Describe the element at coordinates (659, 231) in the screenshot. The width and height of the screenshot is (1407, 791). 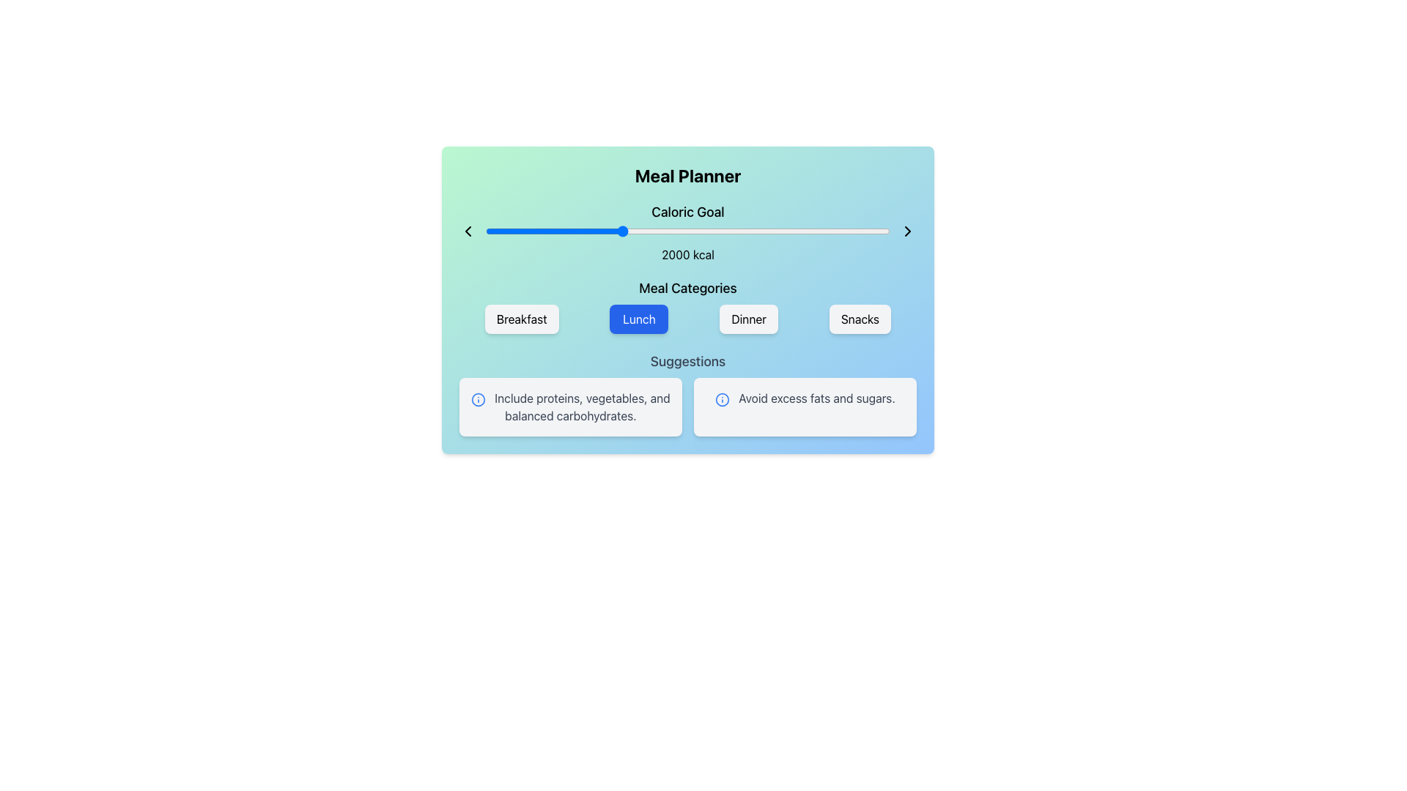
I see `the caloric goal` at that location.